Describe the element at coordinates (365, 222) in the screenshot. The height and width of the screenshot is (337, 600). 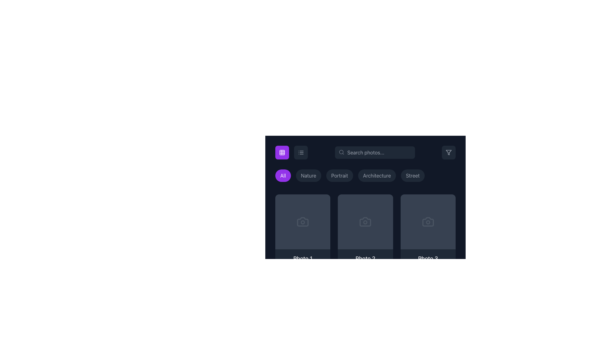
I see `camera icon representing 'Photo 2' in the developer tools, located in the second column of the grid system` at that location.